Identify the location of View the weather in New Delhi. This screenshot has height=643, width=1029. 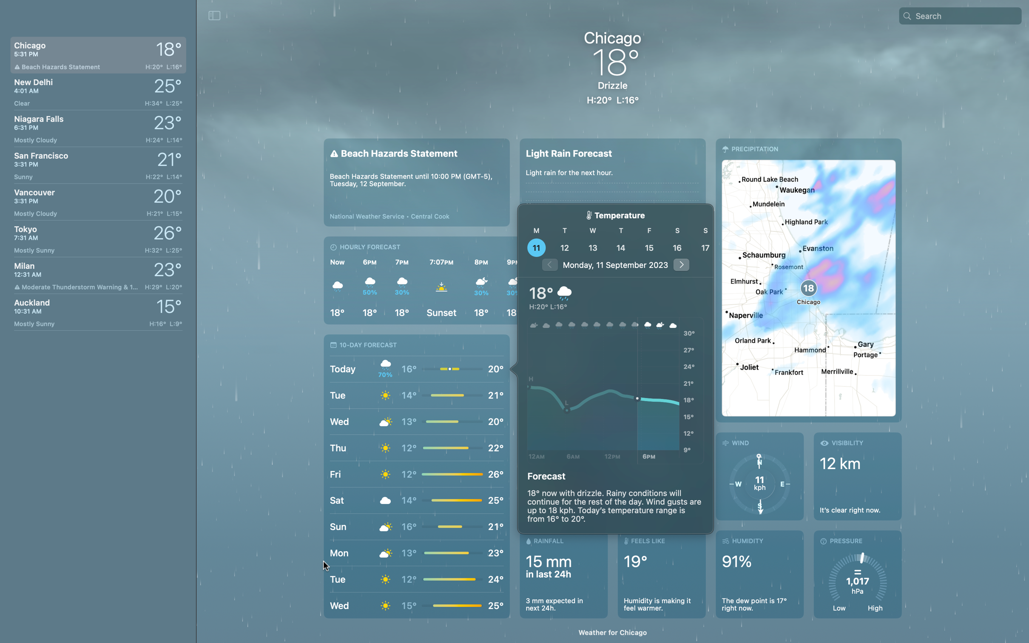
(97, 90).